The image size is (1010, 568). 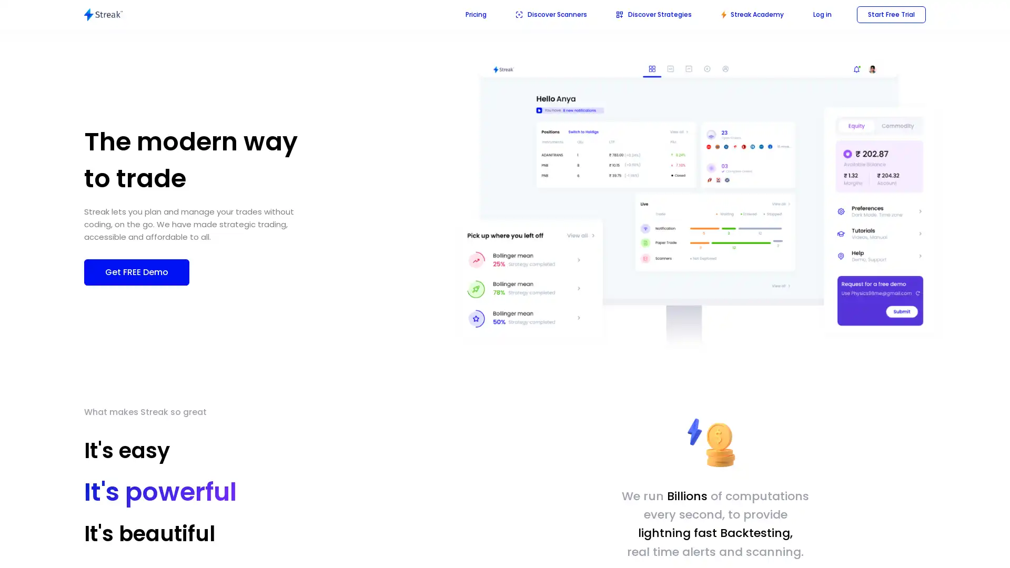 I want to click on Start Free Trial, so click(x=891, y=14).